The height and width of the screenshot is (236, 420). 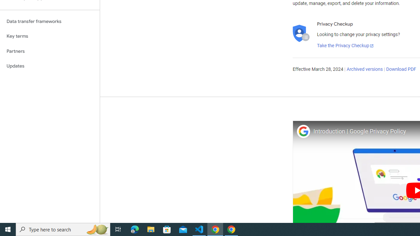 I want to click on 'Take the Privacy Checkup', so click(x=345, y=46).